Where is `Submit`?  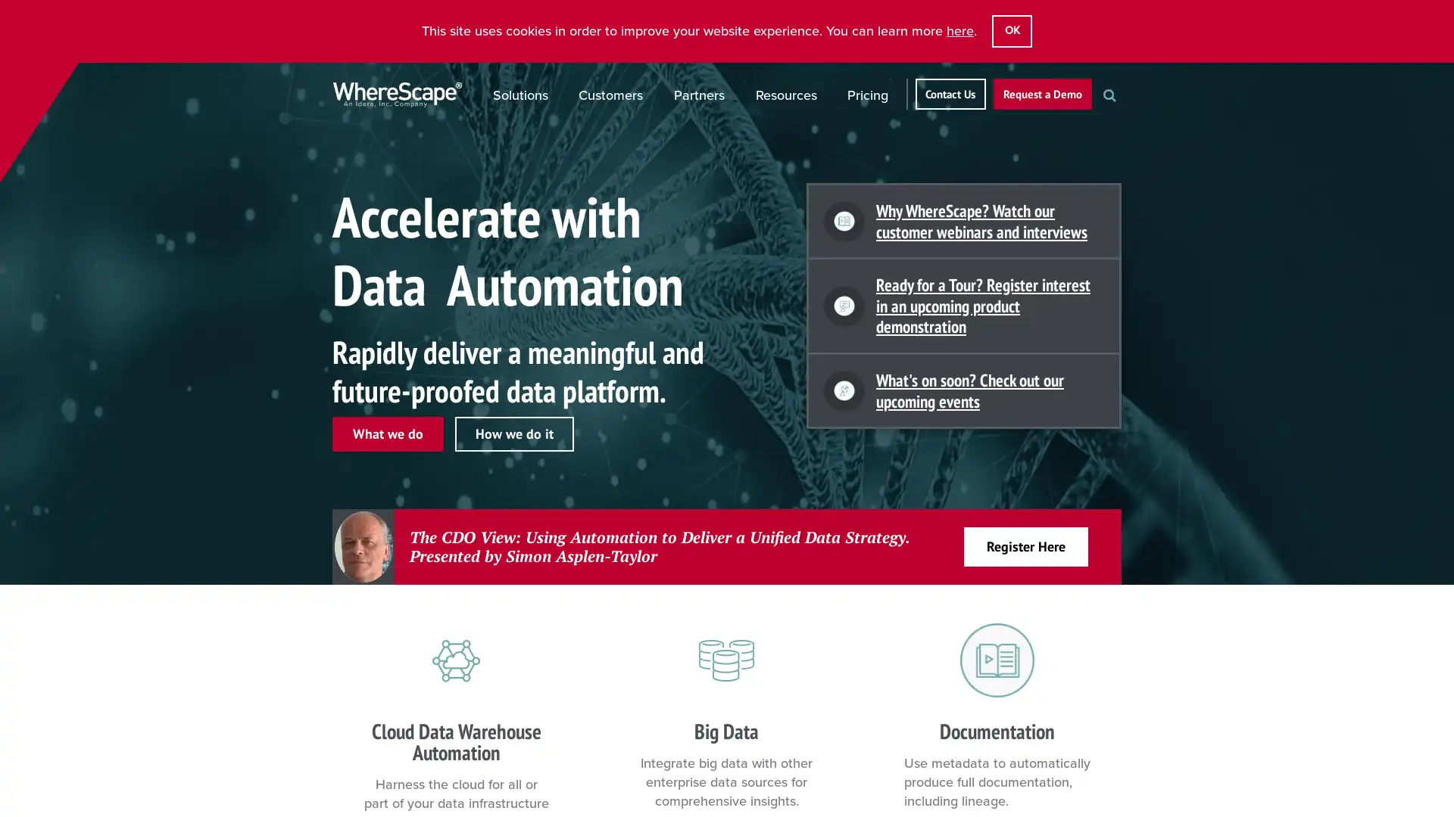 Submit is located at coordinates (1125, 120).